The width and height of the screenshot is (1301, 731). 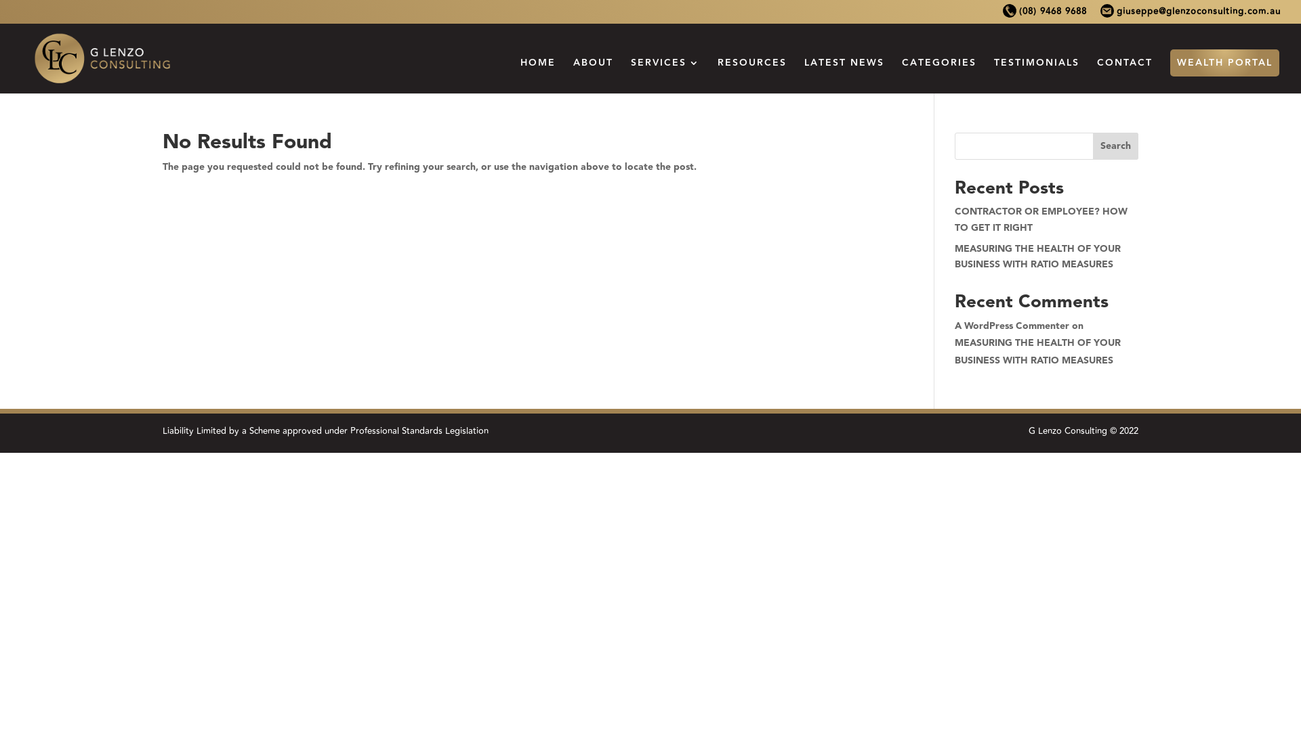 I want to click on 'LATEST NEWS', so click(x=844, y=75).